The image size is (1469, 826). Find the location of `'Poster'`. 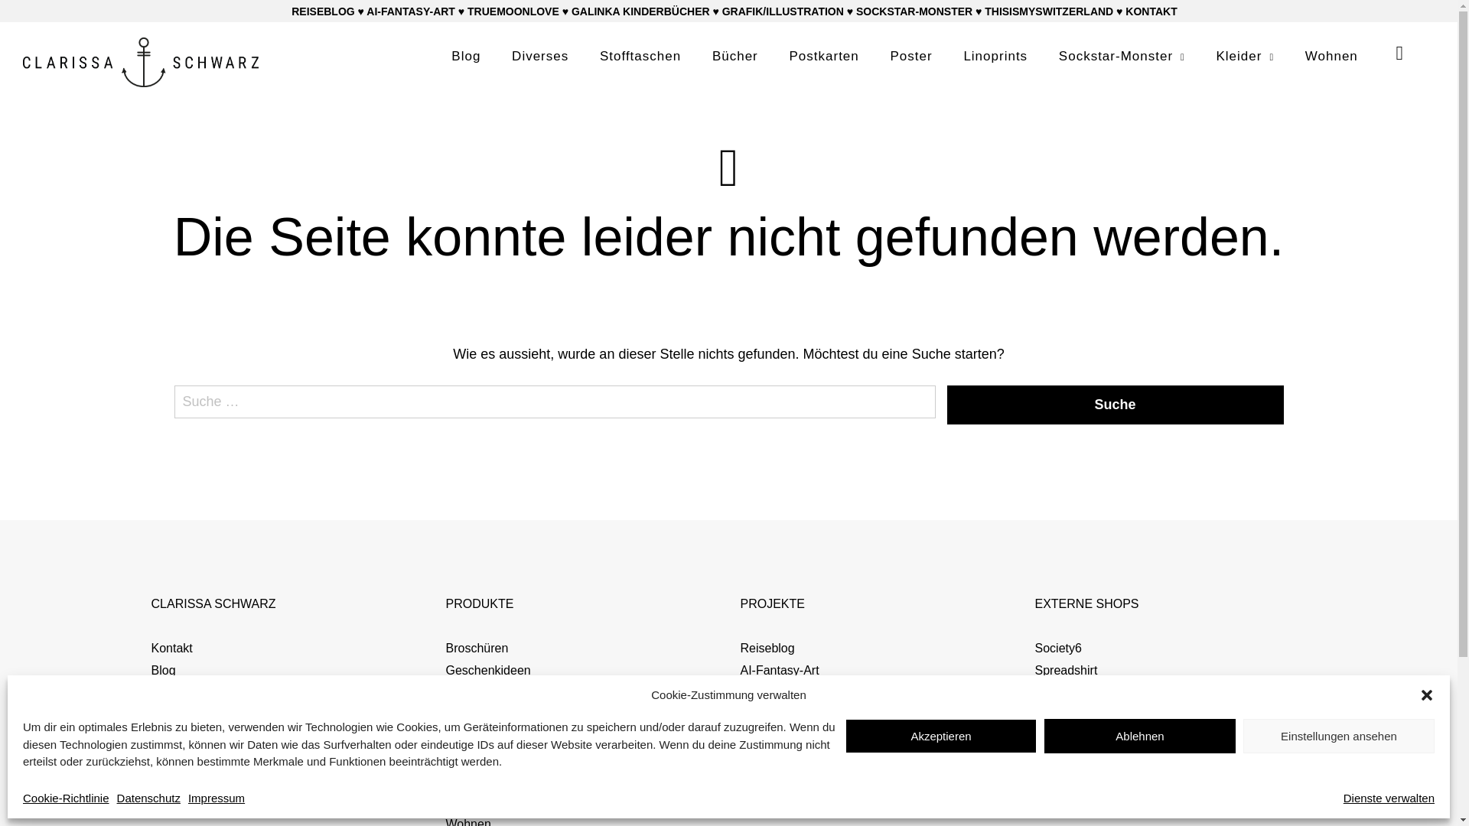

'Poster' is located at coordinates (911, 55).